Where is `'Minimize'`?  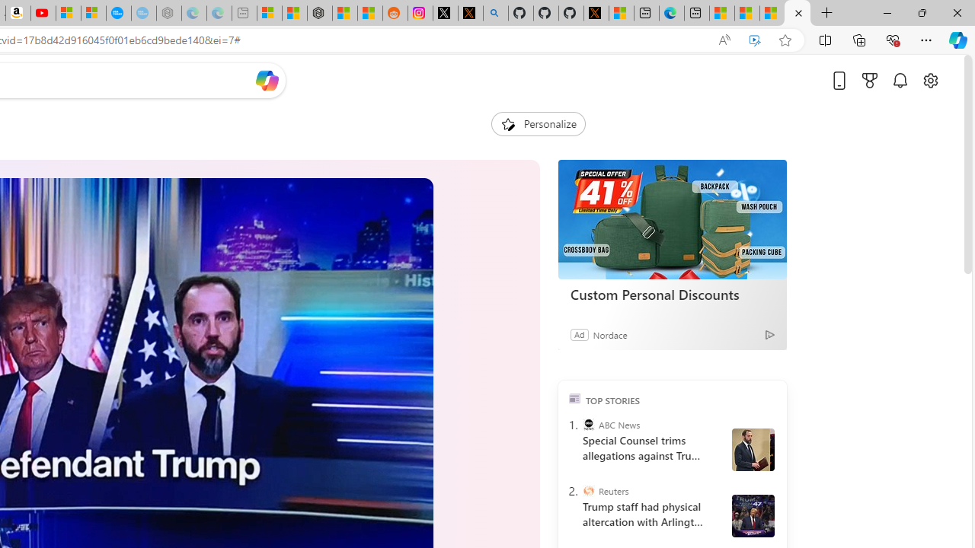
'Minimize' is located at coordinates (887, 12).